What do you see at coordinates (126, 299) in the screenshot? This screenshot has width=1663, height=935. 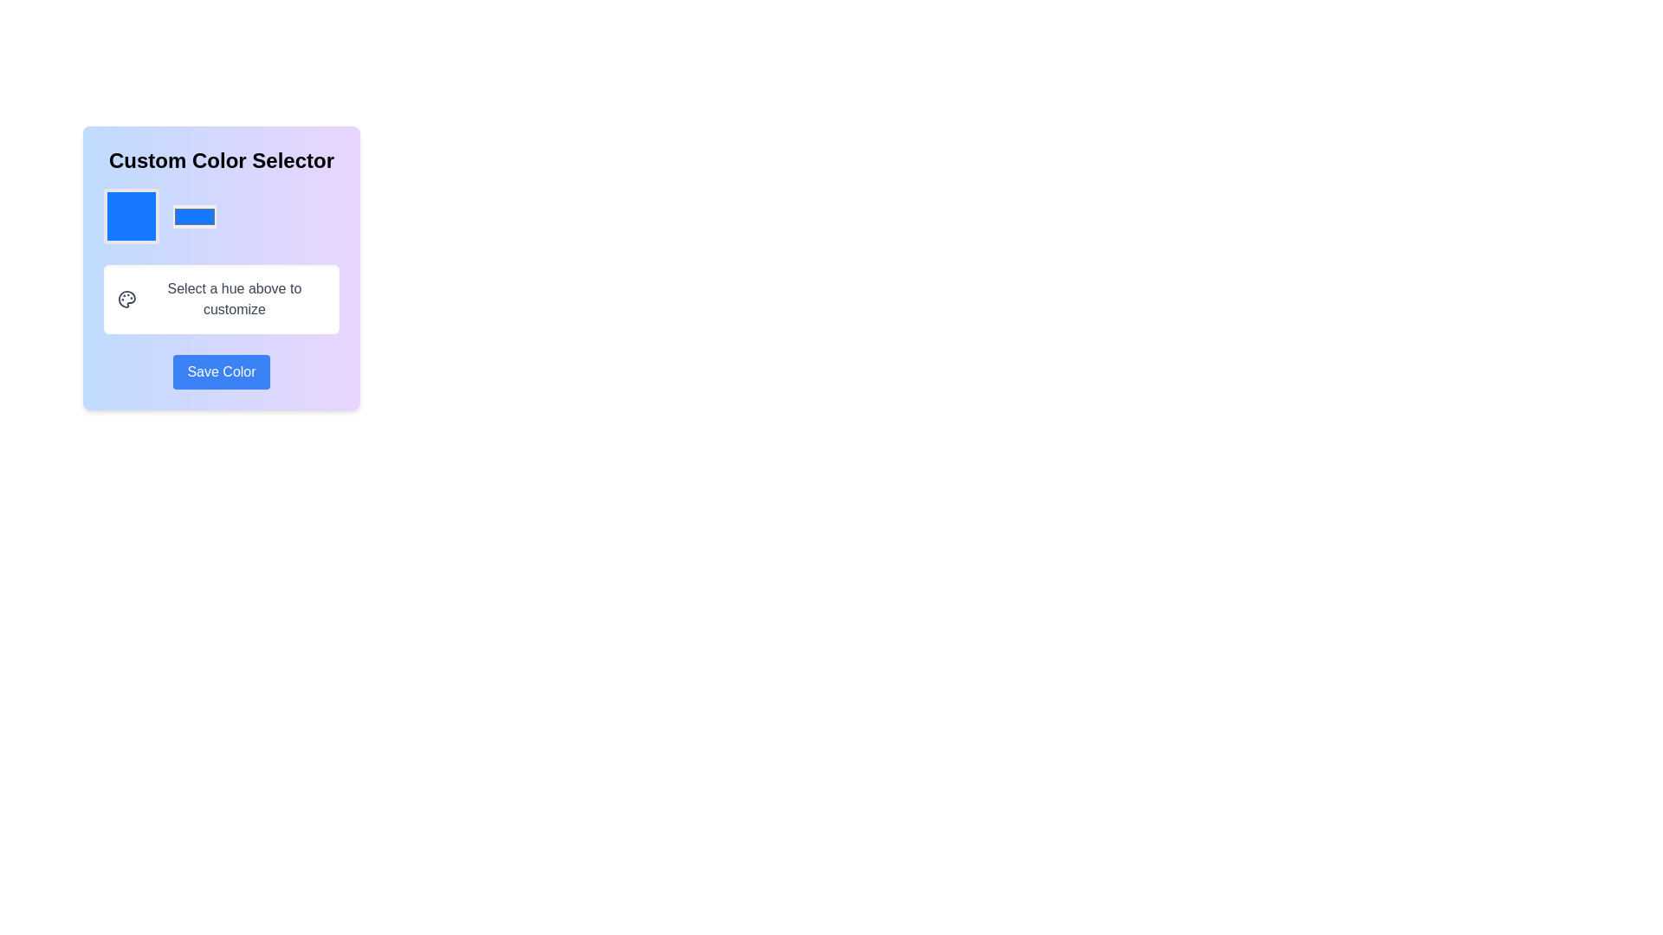 I see `the decorative icon in the 'Custom Color Selector' interface, located to the right of a solid square color block and above the text input area` at bounding box center [126, 299].